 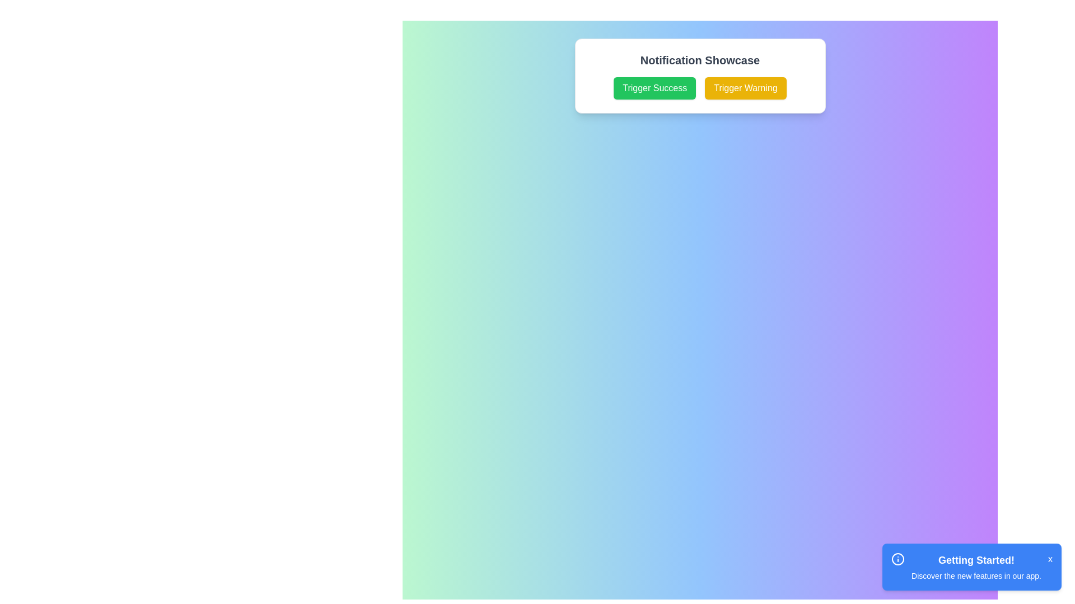 What do you see at coordinates (655, 88) in the screenshot?
I see `the green button labeled 'Trigger Success'` at bounding box center [655, 88].